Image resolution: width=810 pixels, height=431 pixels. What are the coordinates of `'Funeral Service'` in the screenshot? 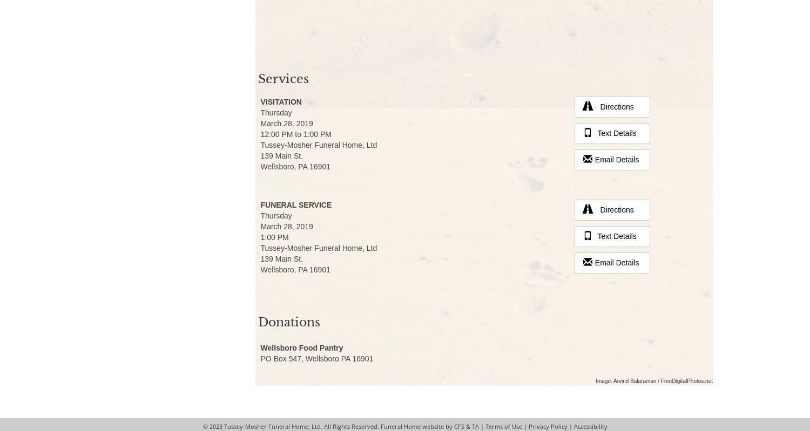 It's located at (295, 205).